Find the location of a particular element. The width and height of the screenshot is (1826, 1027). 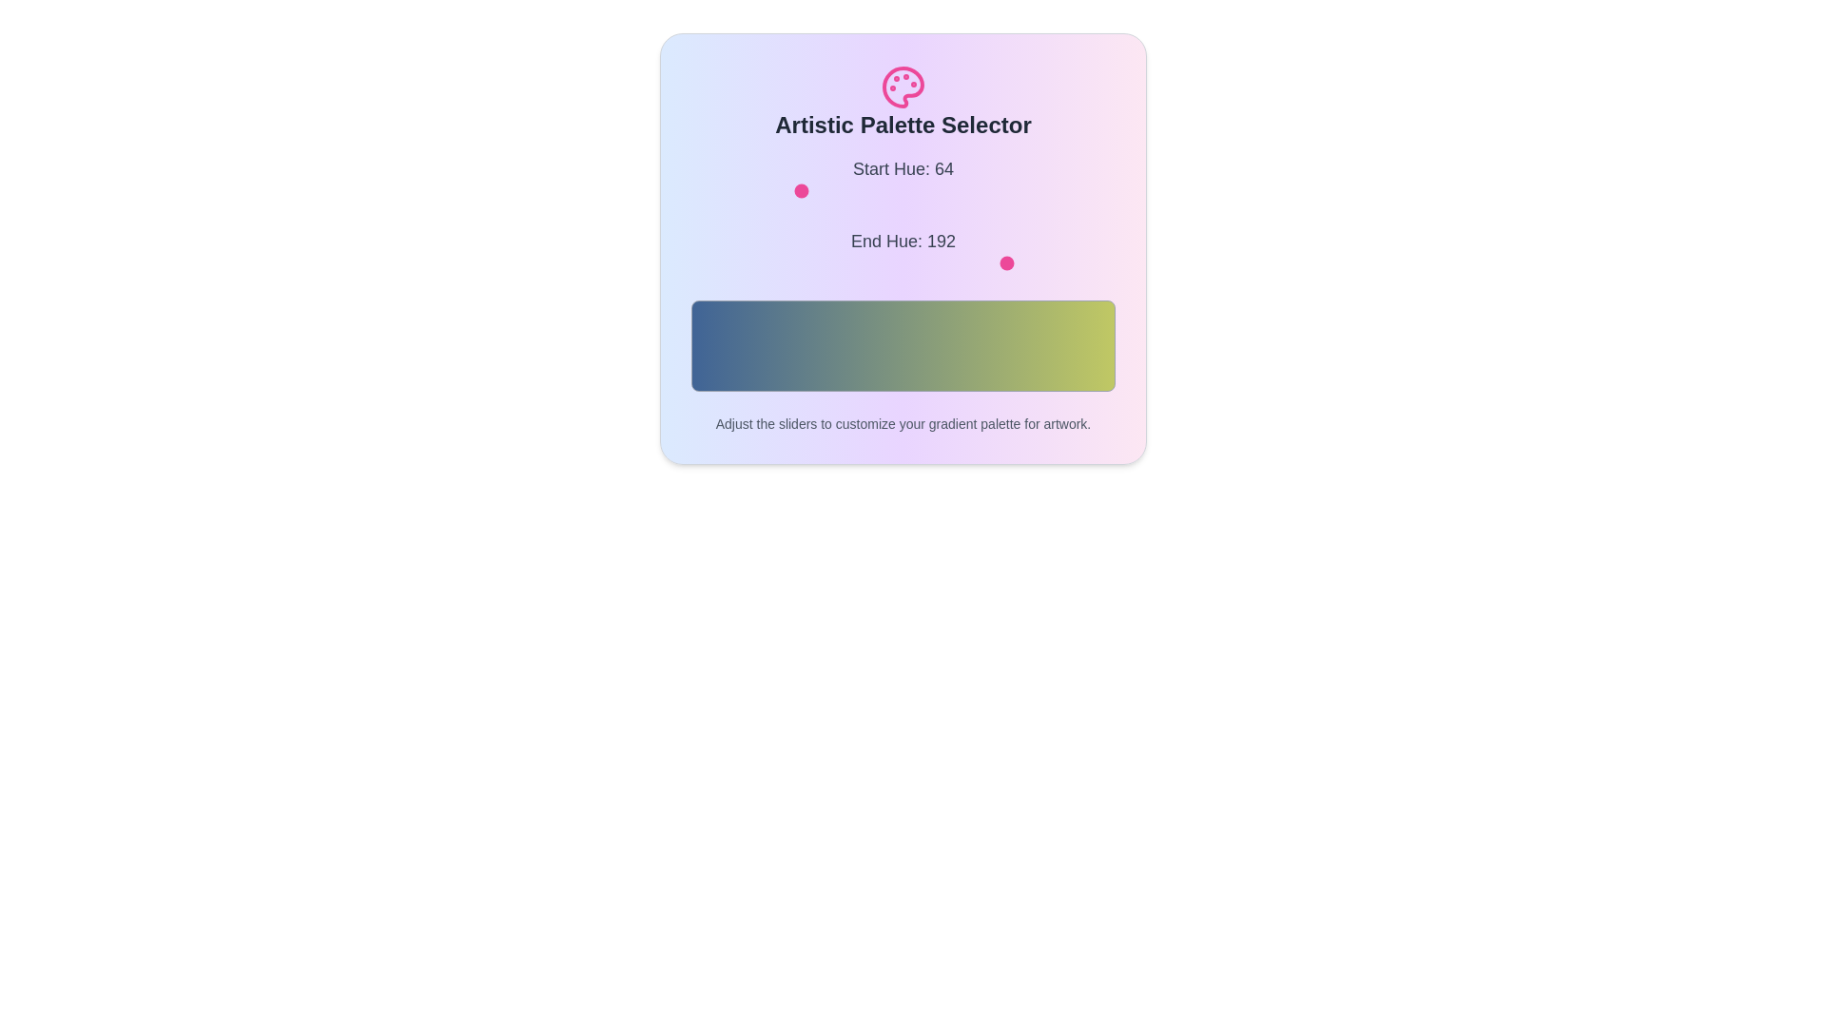

the 'End Hue' slider to 105 is located at coordinates (864, 263).